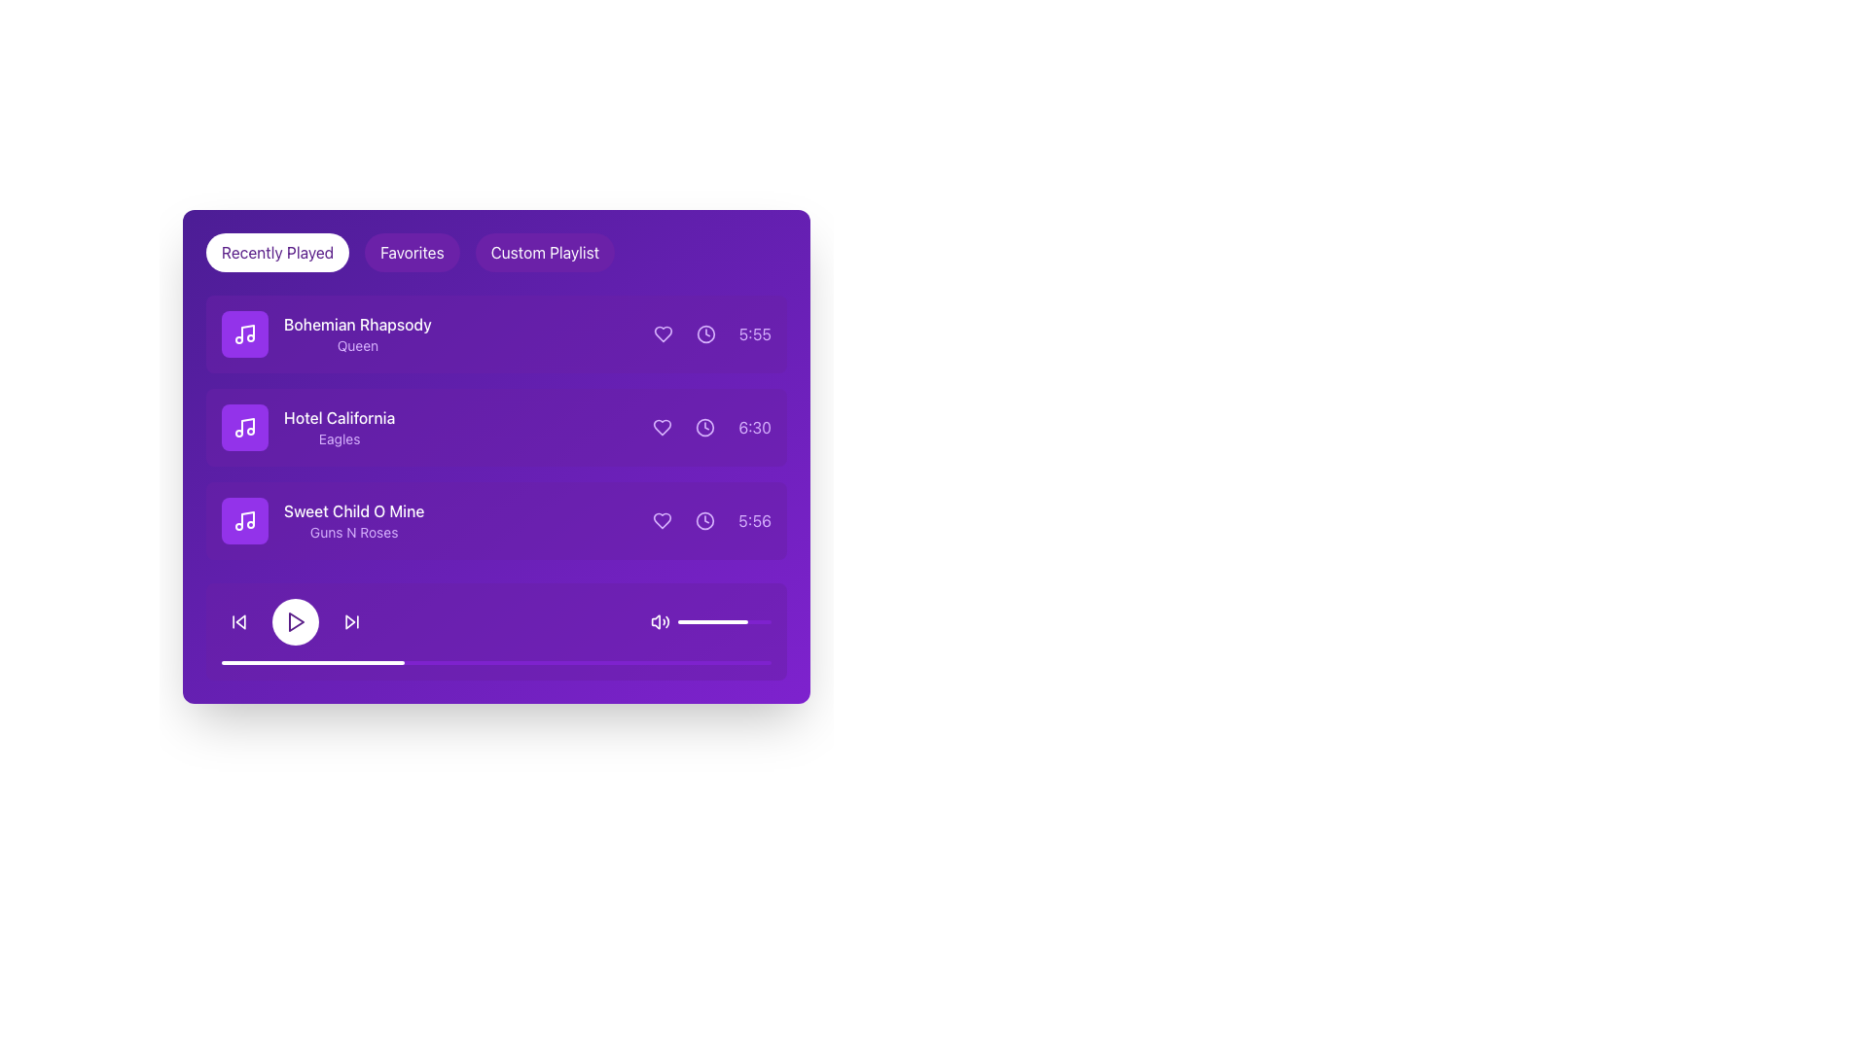 Image resolution: width=1868 pixels, height=1050 pixels. Describe the element at coordinates (764, 622) in the screenshot. I see `the volume level` at that location.